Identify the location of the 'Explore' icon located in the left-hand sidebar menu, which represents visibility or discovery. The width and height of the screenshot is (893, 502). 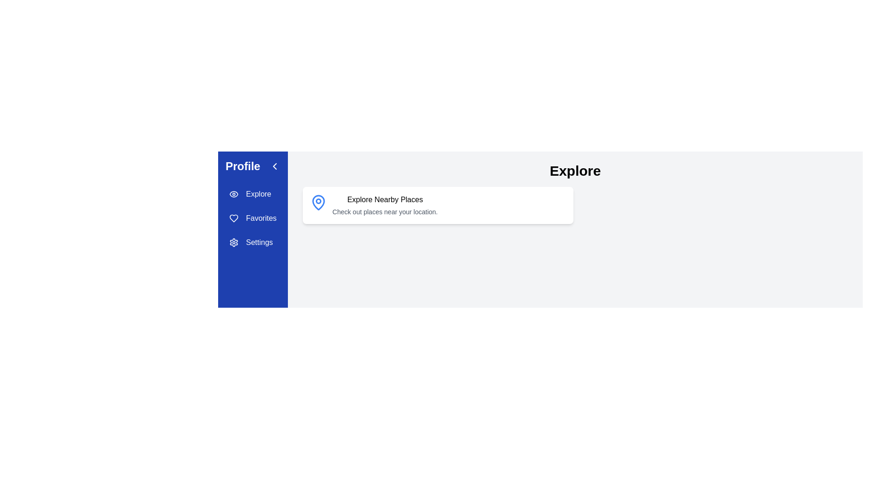
(234, 193).